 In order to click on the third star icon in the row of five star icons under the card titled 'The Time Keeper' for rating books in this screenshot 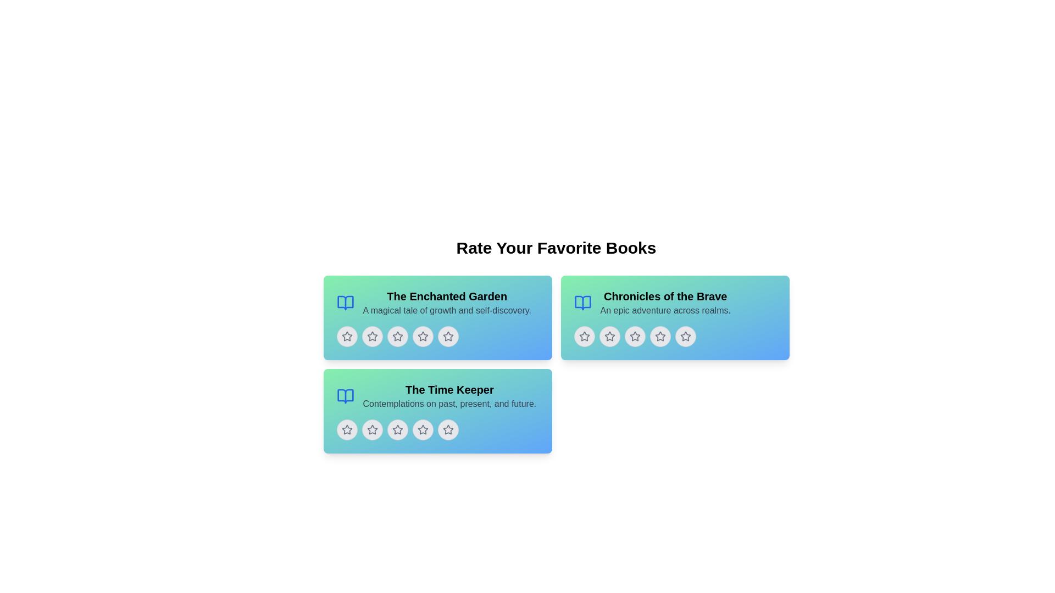, I will do `click(422, 429)`.